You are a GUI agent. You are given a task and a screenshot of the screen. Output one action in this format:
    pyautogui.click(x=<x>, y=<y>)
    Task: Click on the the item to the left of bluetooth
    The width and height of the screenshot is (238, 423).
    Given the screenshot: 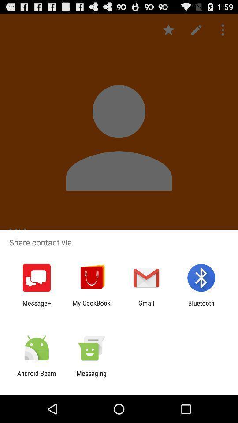 What is the action you would take?
    pyautogui.click(x=146, y=307)
    